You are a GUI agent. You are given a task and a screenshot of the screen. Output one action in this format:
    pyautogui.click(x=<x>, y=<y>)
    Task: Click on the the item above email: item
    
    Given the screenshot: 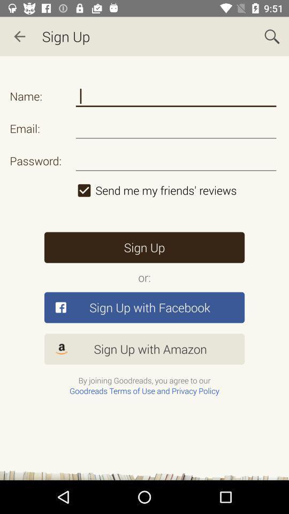 What is the action you would take?
    pyautogui.click(x=176, y=96)
    